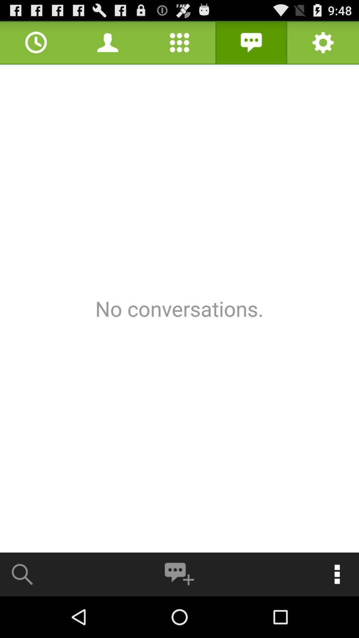 The height and width of the screenshot is (638, 359). Describe the element at coordinates (22, 614) in the screenshot. I see `the search icon` at that location.